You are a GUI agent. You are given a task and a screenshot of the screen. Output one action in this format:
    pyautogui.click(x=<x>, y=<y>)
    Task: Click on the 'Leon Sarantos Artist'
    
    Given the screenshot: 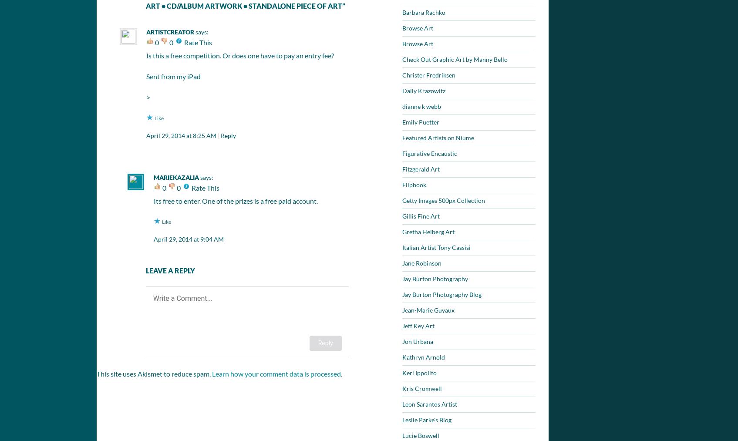 What is the action you would take?
    pyautogui.click(x=402, y=404)
    